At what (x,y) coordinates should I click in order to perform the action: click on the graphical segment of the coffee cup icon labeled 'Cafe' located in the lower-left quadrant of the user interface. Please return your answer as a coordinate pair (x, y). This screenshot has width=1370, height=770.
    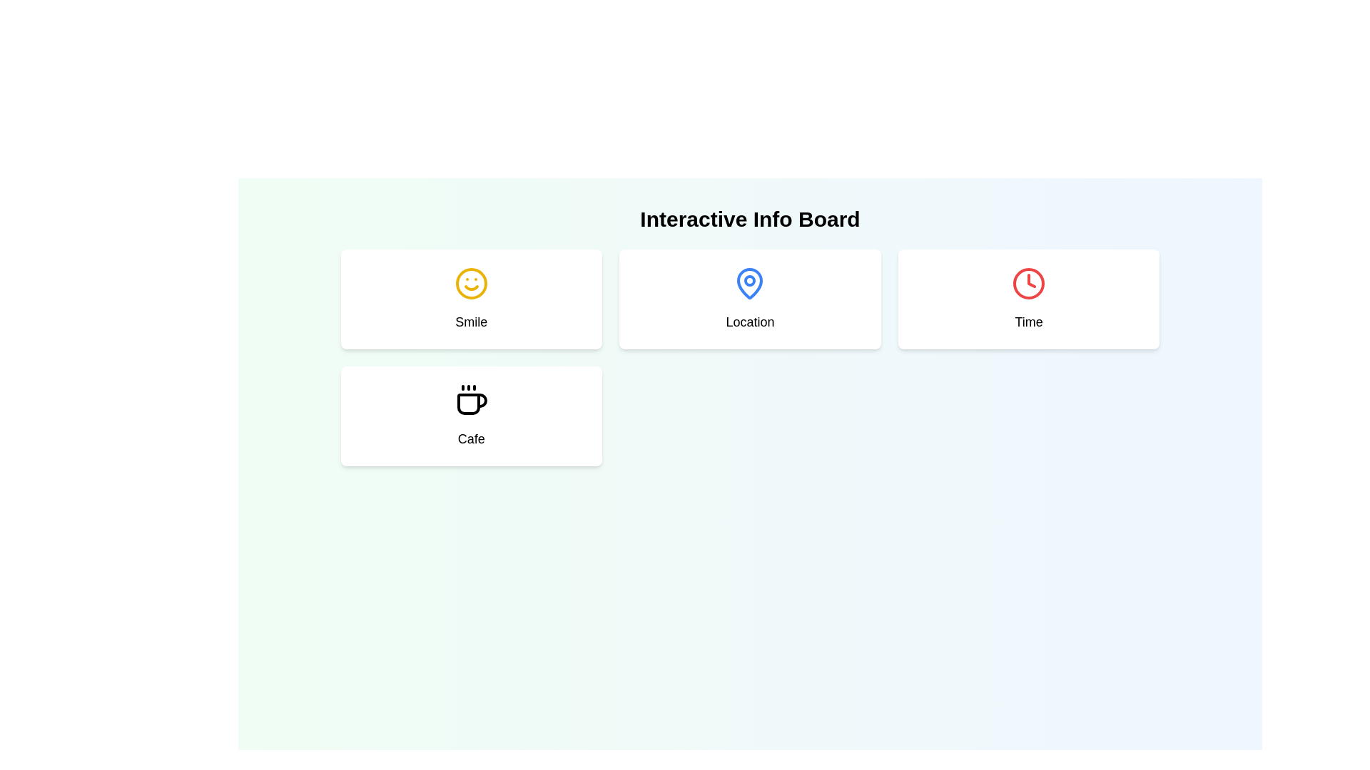
    Looking at the image, I should click on (472, 404).